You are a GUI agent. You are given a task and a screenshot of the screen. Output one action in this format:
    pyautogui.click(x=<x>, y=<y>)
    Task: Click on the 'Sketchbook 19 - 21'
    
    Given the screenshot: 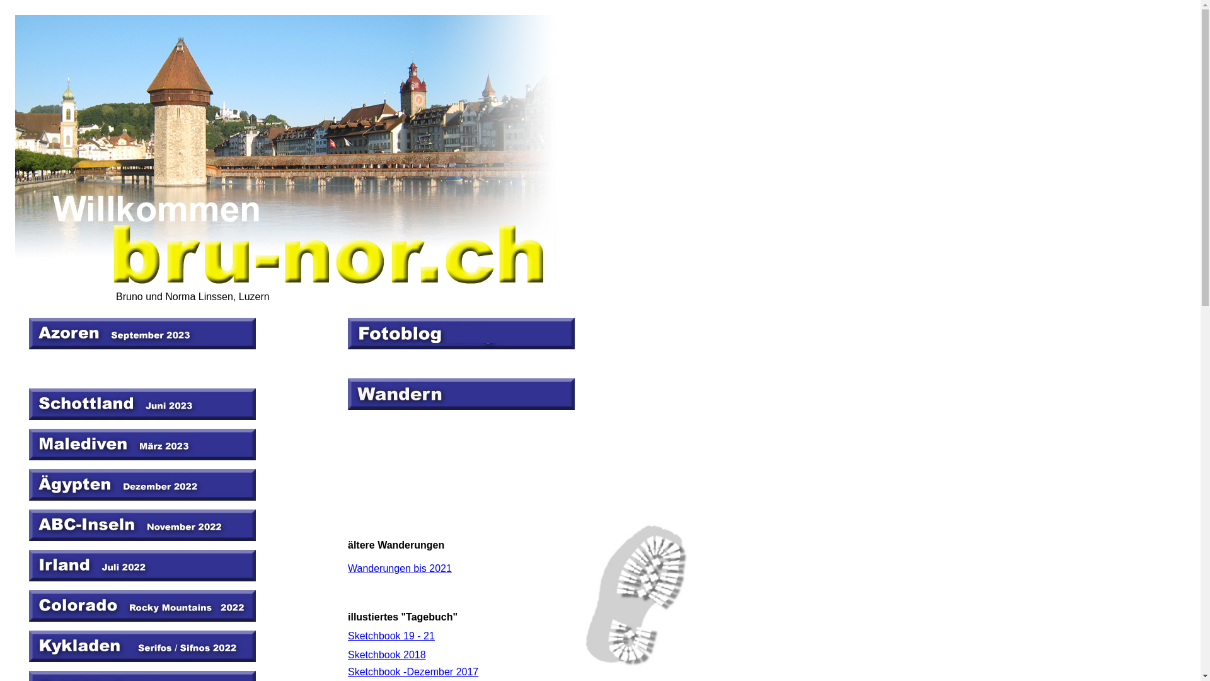 What is the action you would take?
    pyautogui.click(x=348, y=636)
    